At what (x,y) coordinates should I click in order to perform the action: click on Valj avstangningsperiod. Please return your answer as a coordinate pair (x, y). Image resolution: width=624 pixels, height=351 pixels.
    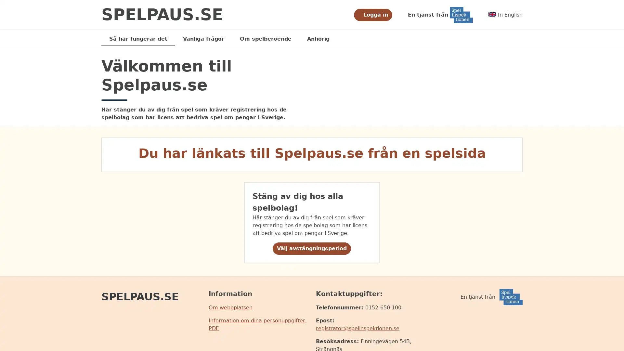
    Looking at the image, I should click on (311, 248).